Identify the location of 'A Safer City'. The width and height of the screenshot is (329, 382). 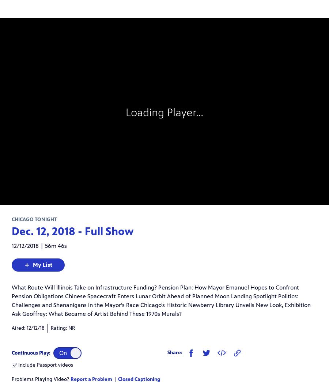
(41, 200).